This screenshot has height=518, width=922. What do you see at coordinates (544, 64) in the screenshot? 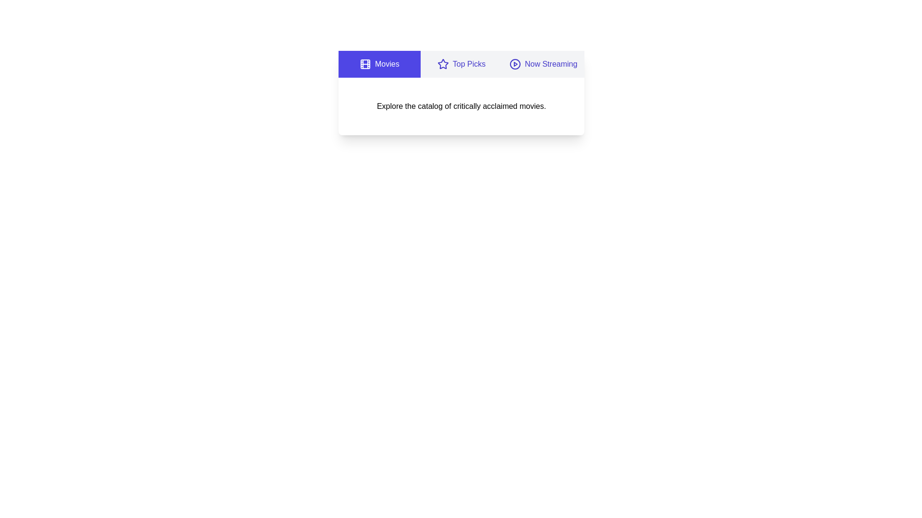
I see `the tab corresponding to Now Streaming to view its content` at bounding box center [544, 64].